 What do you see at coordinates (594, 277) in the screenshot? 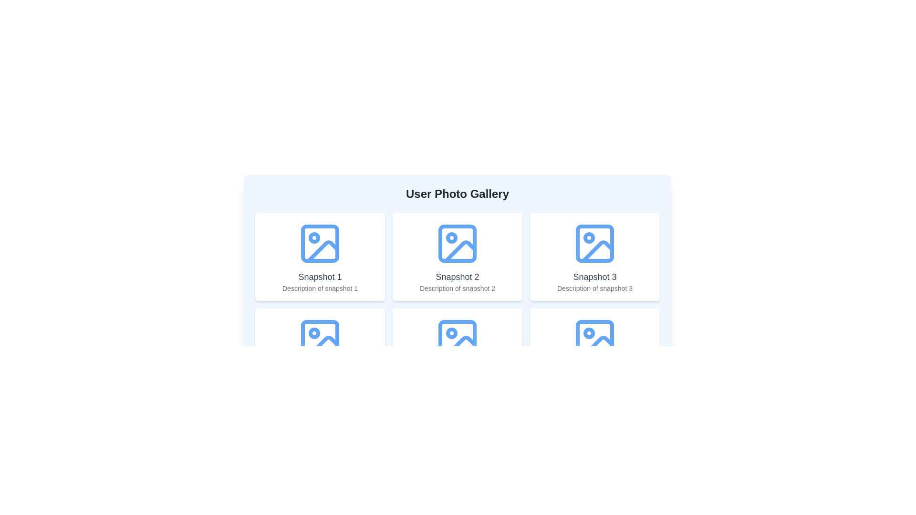
I see `text label located below the icon in the rightmost card of the top row, which serves as a title for the accompanying snapshot` at bounding box center [594, 277].